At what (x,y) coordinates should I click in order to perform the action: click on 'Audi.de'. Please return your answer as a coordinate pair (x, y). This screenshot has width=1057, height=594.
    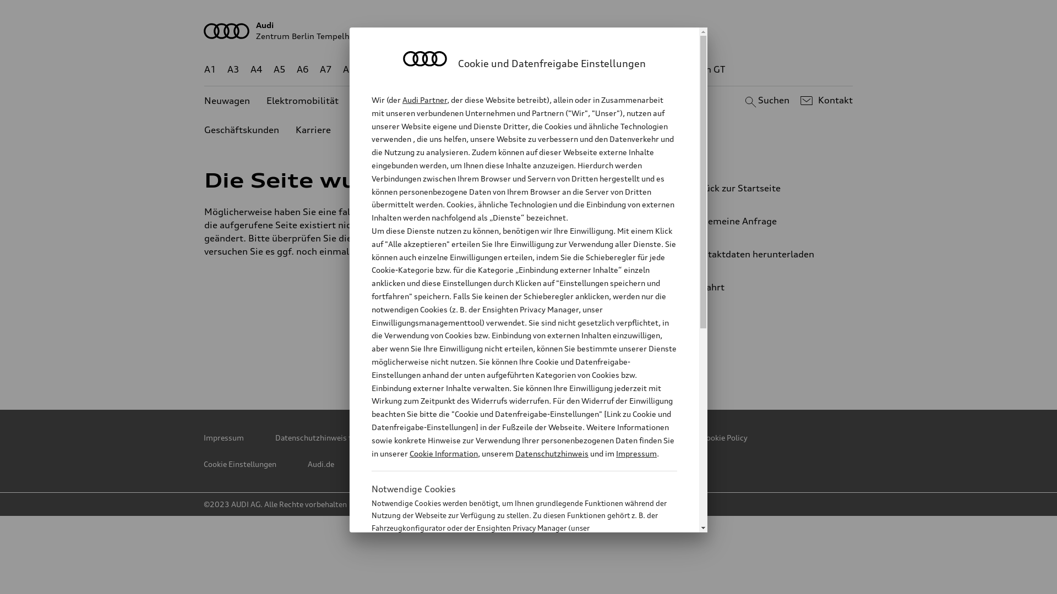
    Looking at the image, I should click on (307, 464).